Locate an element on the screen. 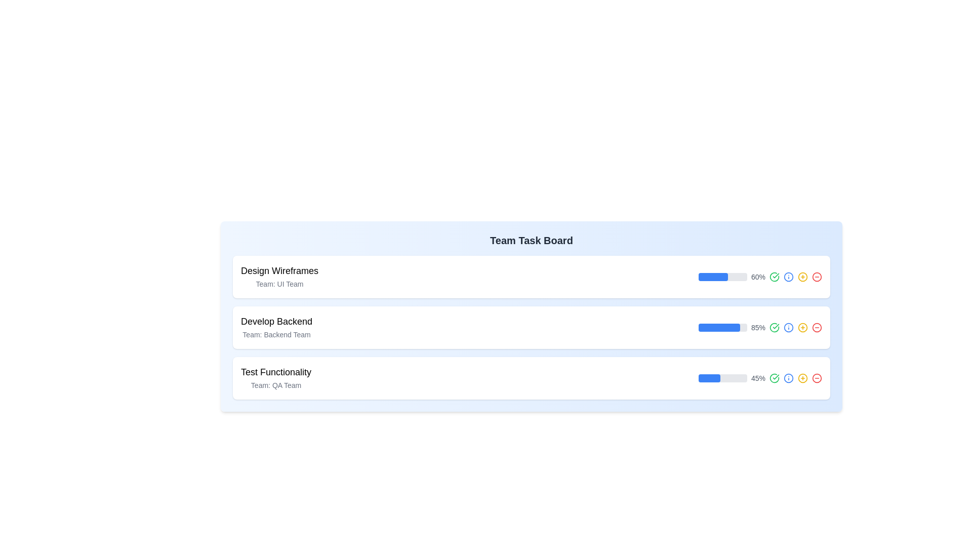 The image size is (972, 547). the filled portion of the progress bar located is located at coordinates (718, 328).